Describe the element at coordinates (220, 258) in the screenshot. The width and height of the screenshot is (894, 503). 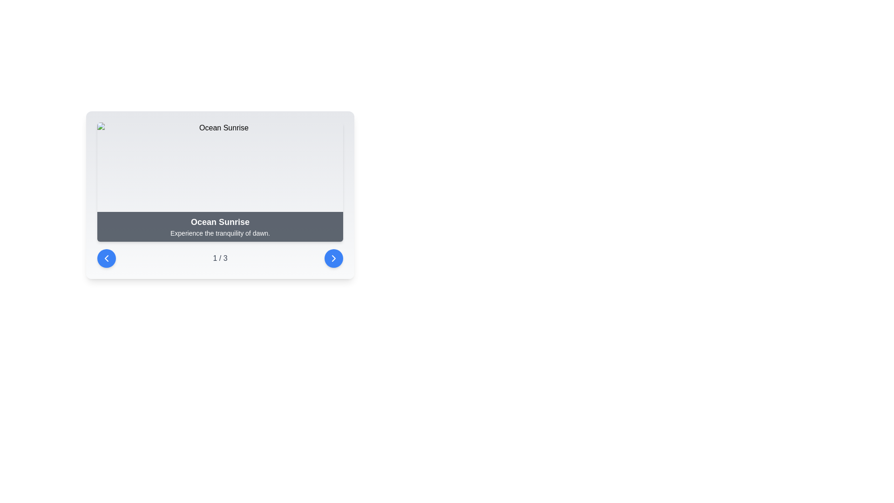
I see `the Text indicator that shows the current step or item in a sequence, positioned centrally between two interactive buttons in the footer-like section` at that location.